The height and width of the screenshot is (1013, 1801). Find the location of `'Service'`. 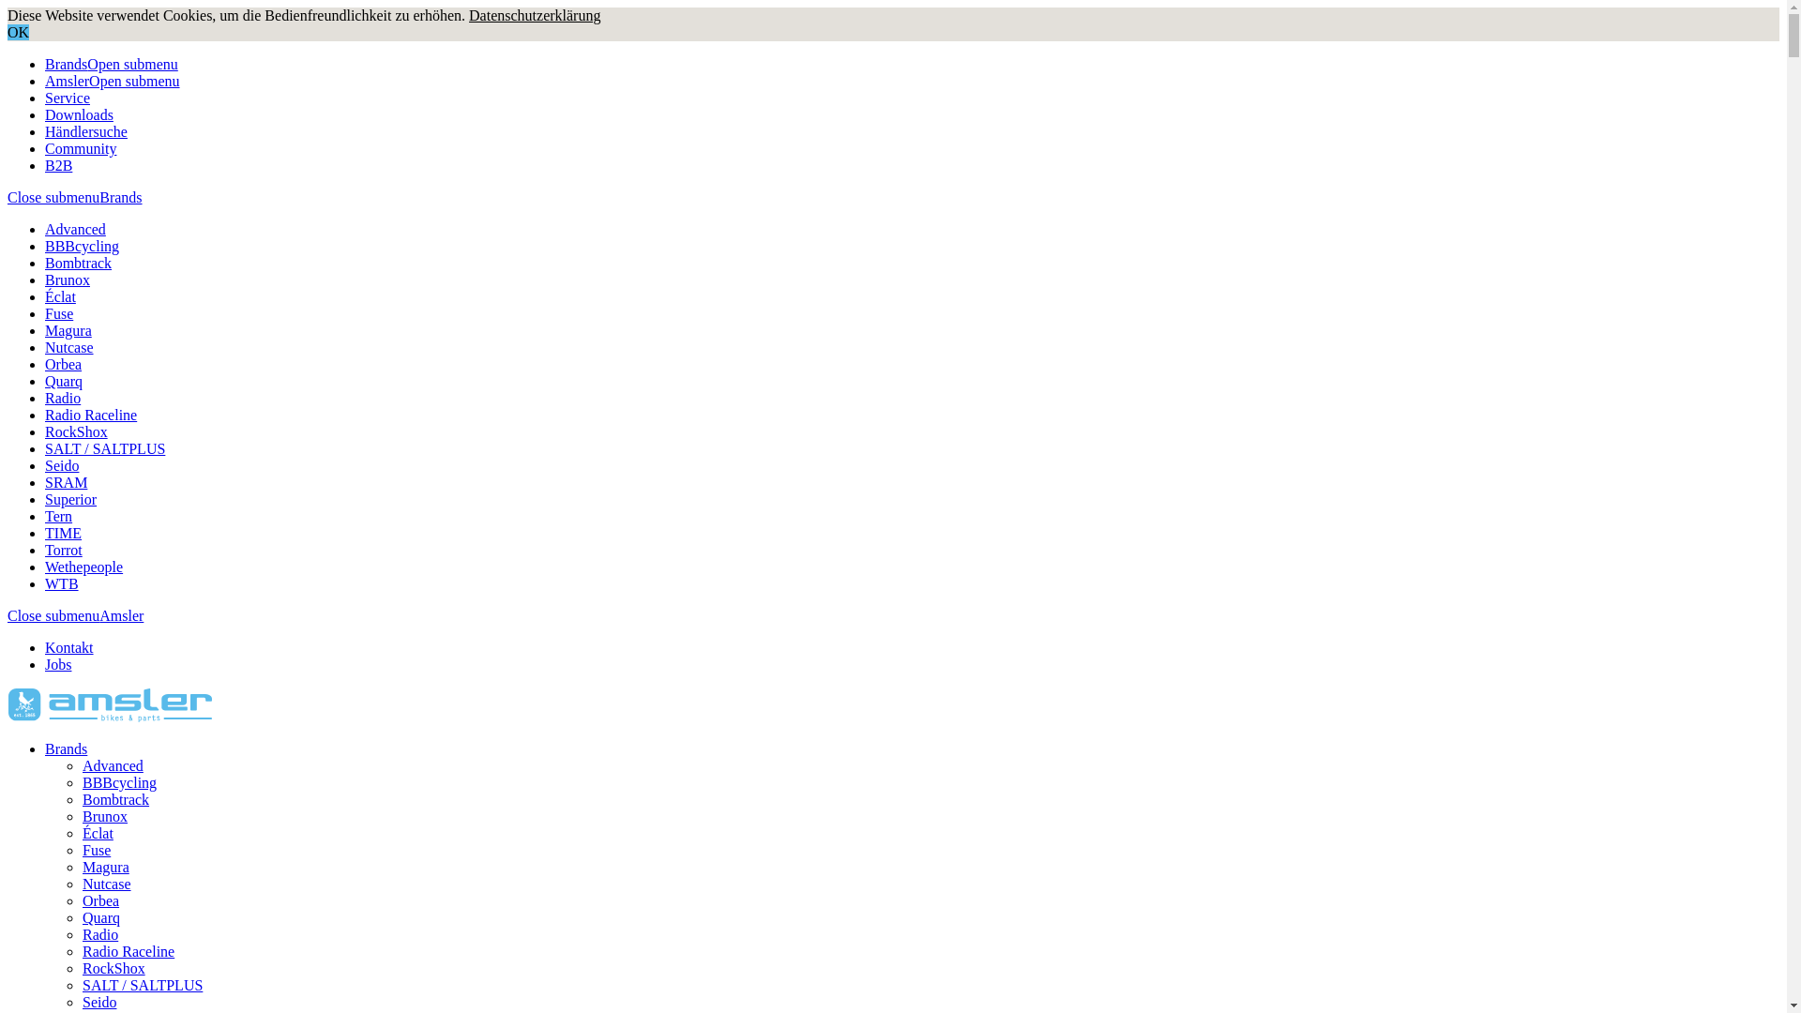

'Service' is located at coordinates (68, 98).